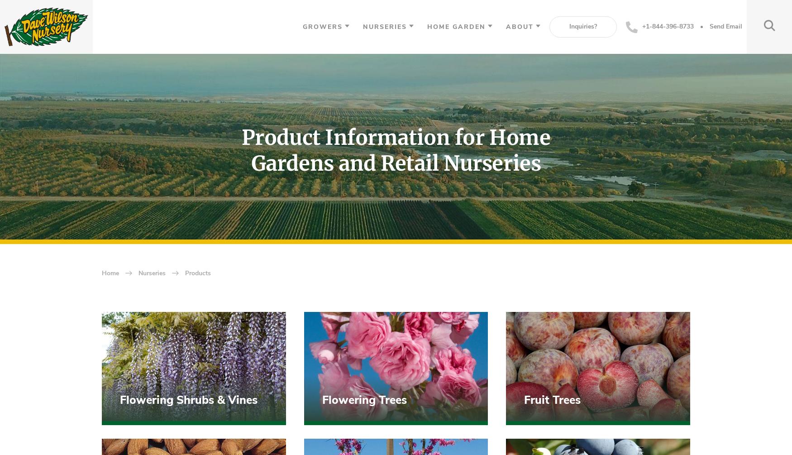 The image size is (792, 455). Describe the element at coordinates (232, 362) in the screenshot. I see `'We sell our products to retail nurseries, garden centers, container growers who sell to landscape contractors and retail
nurseries, mail order nurseries, and anyone else who qualifies. We do not accept direct sales to consumers.'` at that location.